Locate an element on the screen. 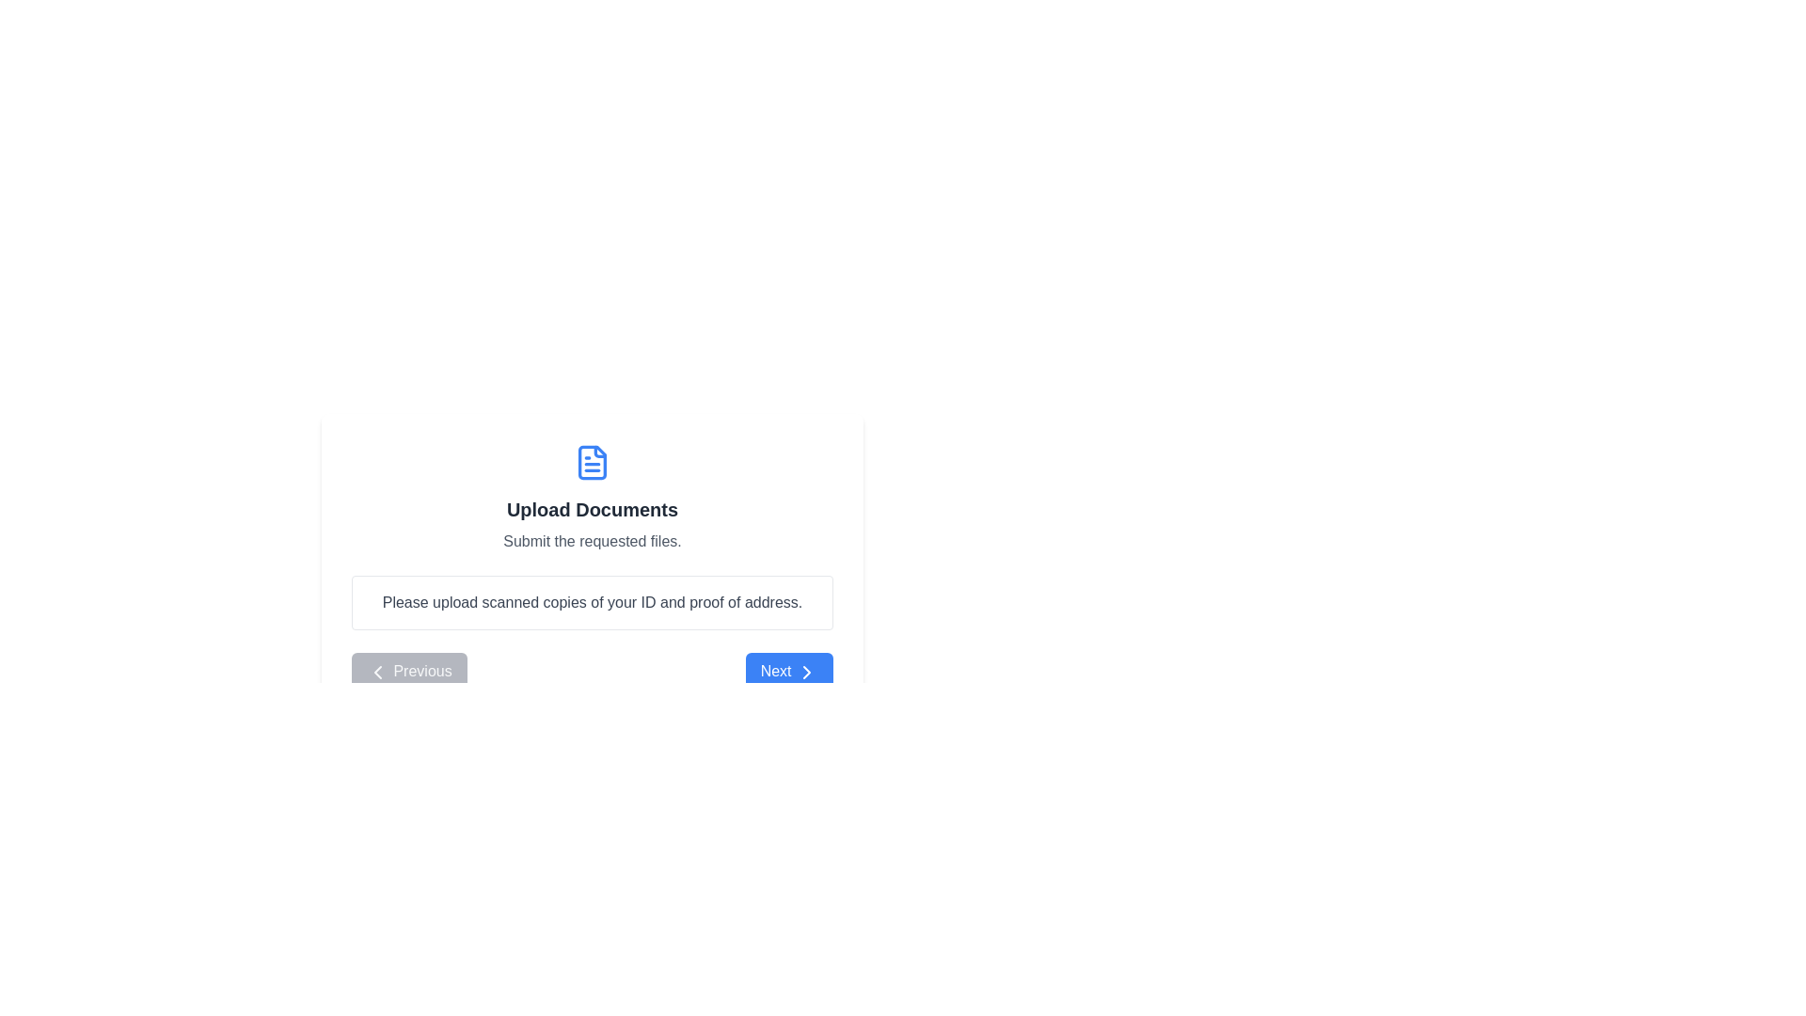  the step icon to view it is located at coordinates (591, 463).